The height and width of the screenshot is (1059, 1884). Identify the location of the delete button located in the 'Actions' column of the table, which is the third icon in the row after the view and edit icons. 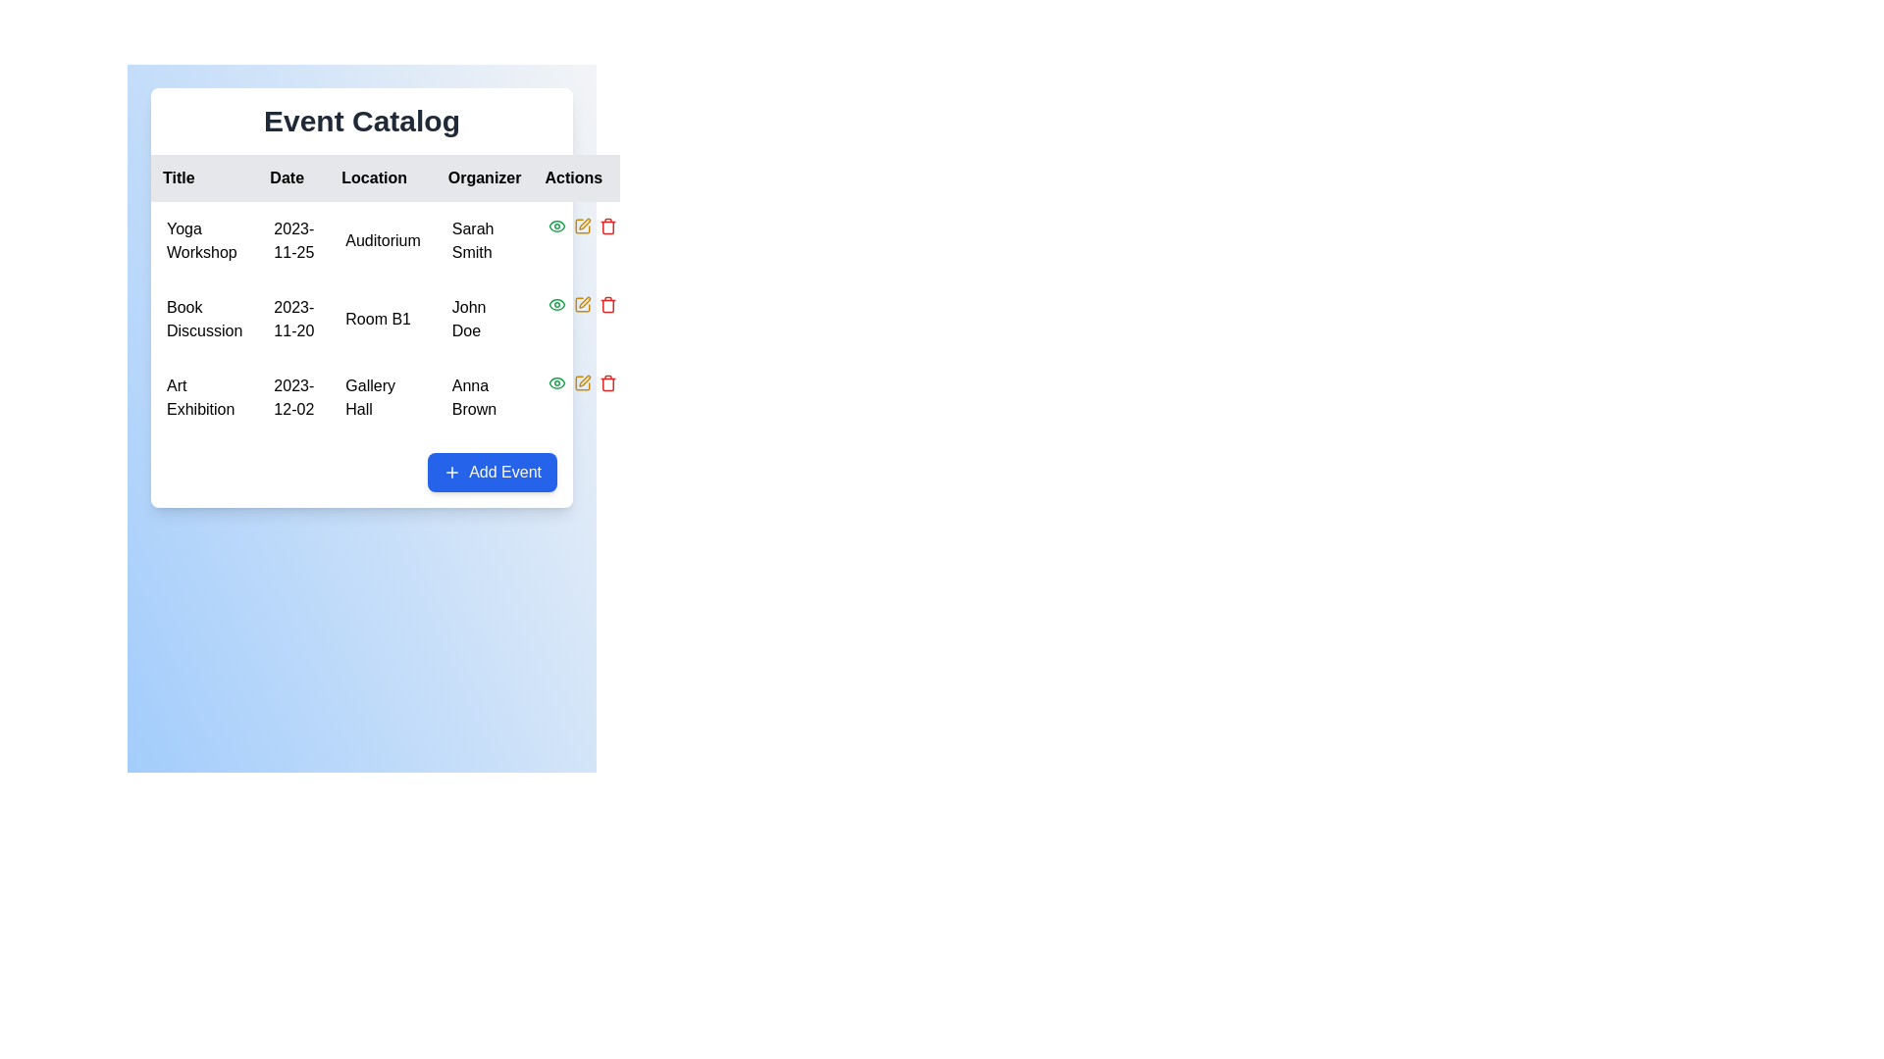
(607, 226).